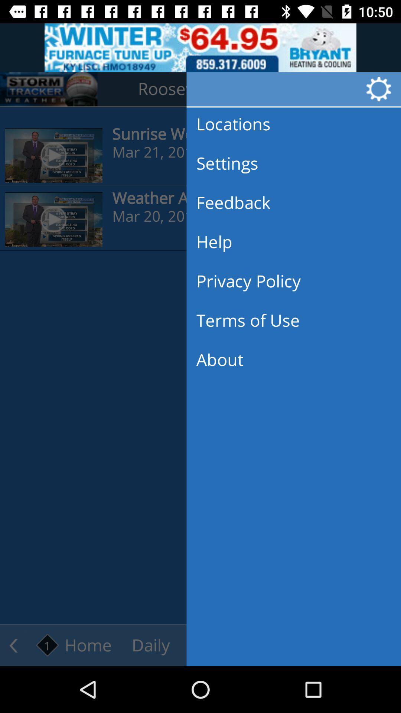 This screenshot has height=713, width=401. I want to click on the arrow_backward icon, so click(13, 645).